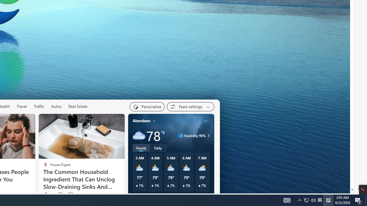 This screenshot has height=206, width=367. What do you see at coordinates (205, 120) in the screenshot?
I see `'Class: icon-img'` at bounding box center [205, 120].